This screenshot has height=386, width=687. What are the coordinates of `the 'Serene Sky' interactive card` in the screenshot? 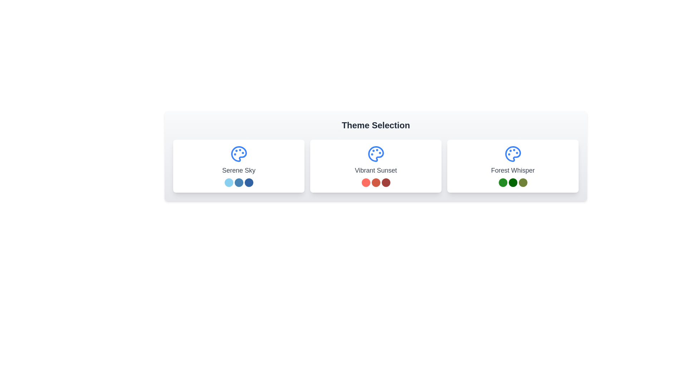 It's located at (239, 166).